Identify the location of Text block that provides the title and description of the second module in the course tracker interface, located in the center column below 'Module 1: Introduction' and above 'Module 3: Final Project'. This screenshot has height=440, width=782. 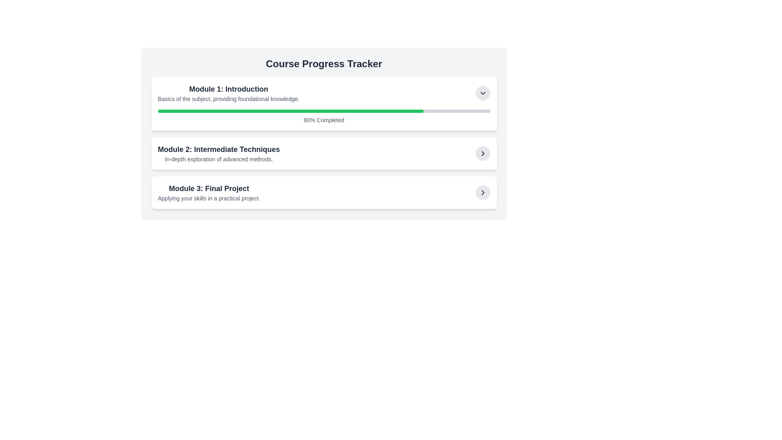
(219, 154).